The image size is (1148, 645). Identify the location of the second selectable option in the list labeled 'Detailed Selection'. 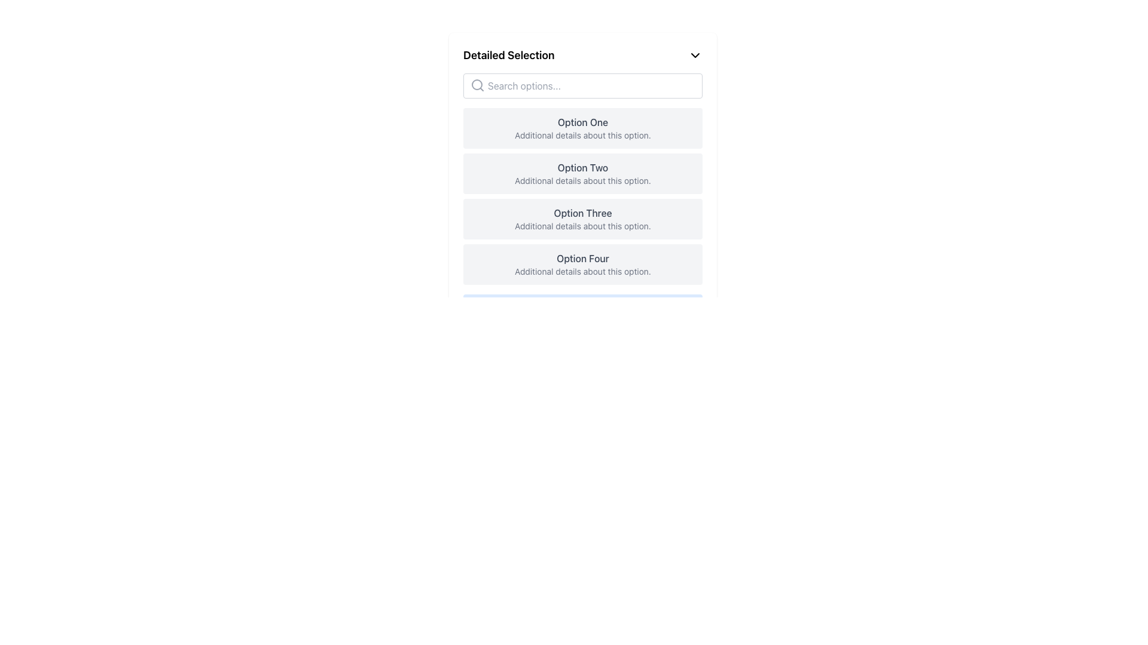
(582, 173).